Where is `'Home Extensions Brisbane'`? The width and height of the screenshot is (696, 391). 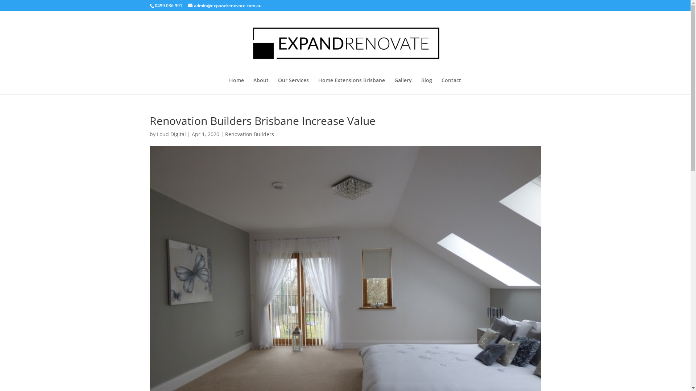 'Home Extensions Brisbane' is located at coordinates (351, 86).